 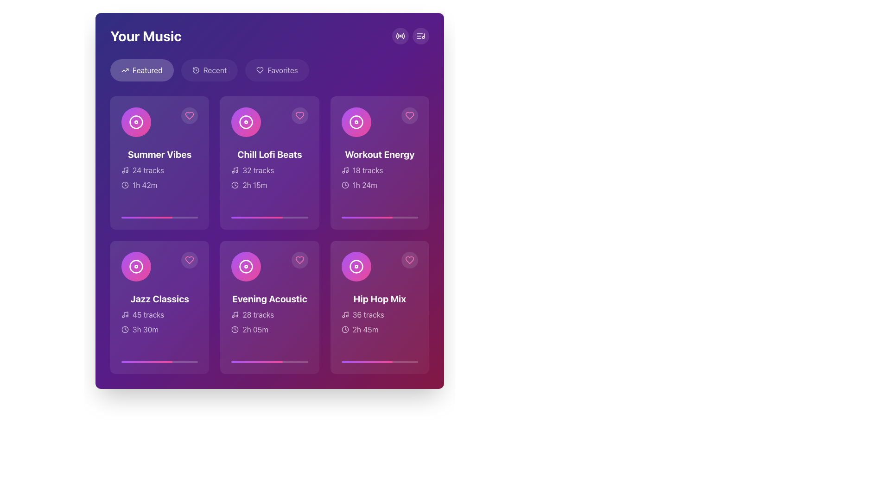 I want to click on the progress bar centered within the 'Evening Acoustic' card, located at the bottom center of the card, indicating partial completion of a task or media playback, so click(x=257, y=362).